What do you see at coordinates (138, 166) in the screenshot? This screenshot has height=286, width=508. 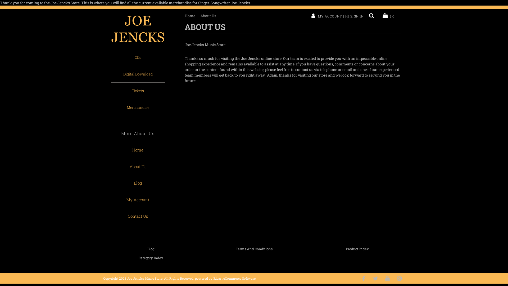 I see `'About Us'` at bounding box center [138, 166].